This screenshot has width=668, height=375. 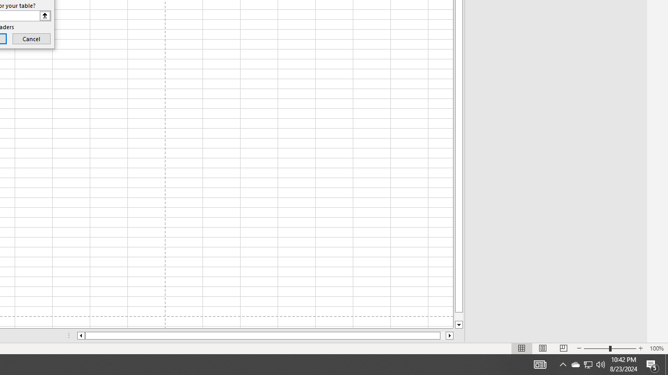 What do you see at coordinates (522, 348) in the screenshot?
I see `'Normal'` at bounding box center [522, 348].